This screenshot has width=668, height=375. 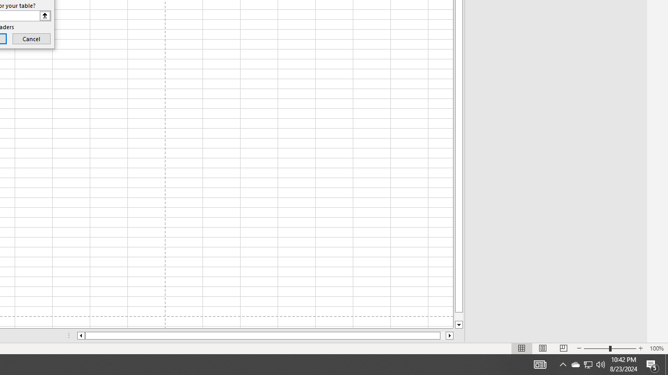 What do you see at coordinates (522, 348) in the screenshot?
I see `'Normal'` at bounding box center [522, 348].